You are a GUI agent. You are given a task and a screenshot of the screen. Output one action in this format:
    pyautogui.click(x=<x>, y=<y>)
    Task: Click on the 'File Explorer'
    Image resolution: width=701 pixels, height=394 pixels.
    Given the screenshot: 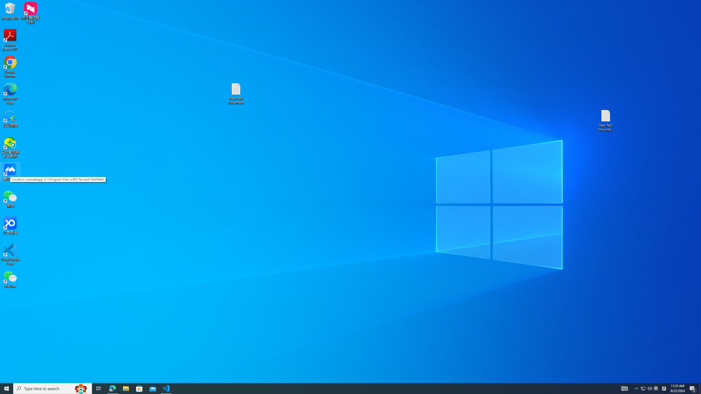 What is the action you would take?
    pyautogui.click(x=125, y=388)
    